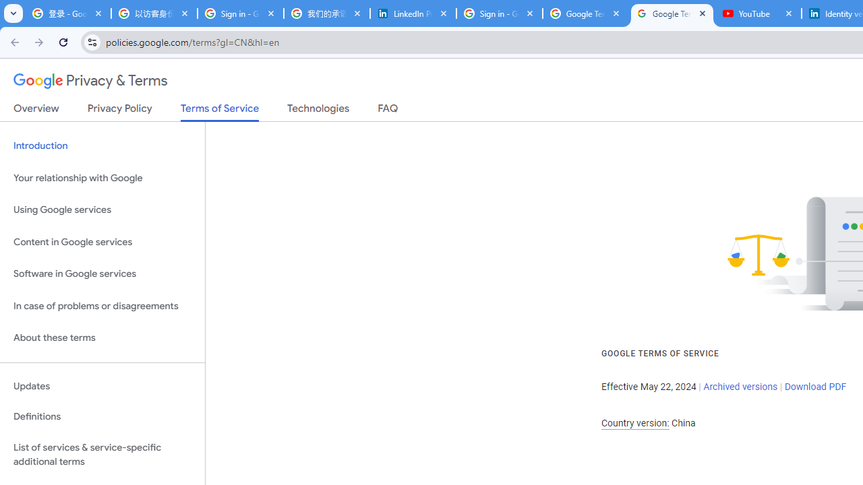  What do you see at coordinates (102, 416) in the screenshot?
I see `'Definitions'` at bounding box center [102, 416].